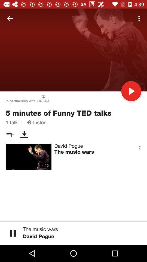 This screenshot has height=262, width=147. I want to click on icon to the right of the |, so click(35, 122).